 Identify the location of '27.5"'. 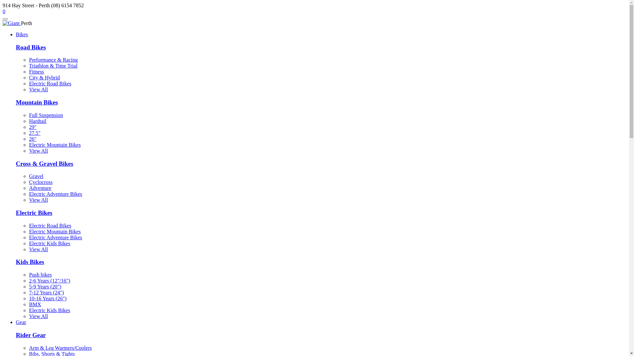
(28, 133).